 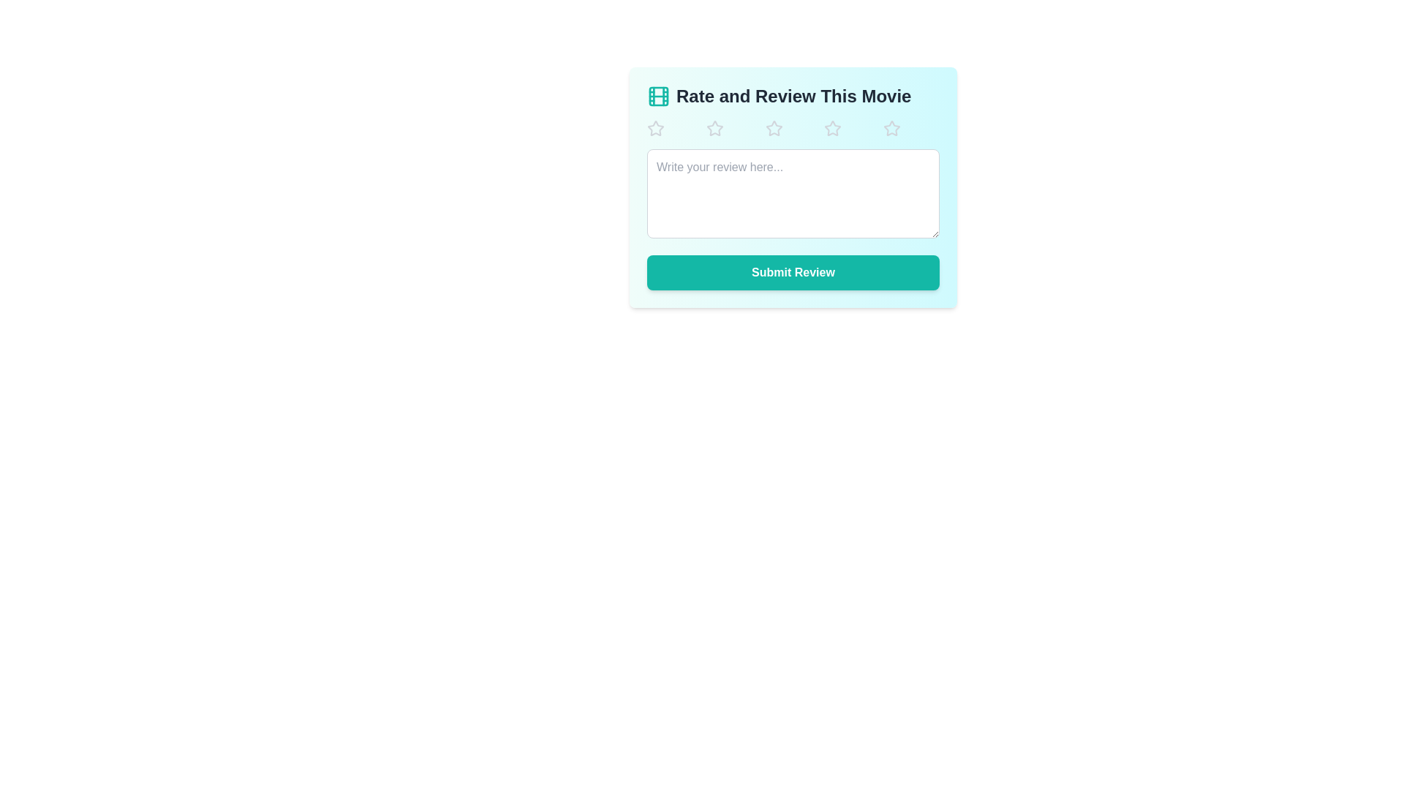 I want to click on the star corresponding to 5 to set the movie rating, so click(x=911, y=128).